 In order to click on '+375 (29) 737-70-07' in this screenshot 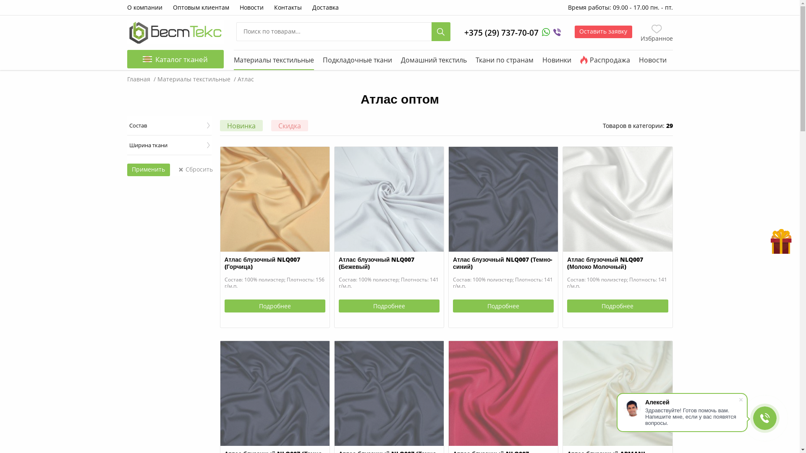, I will do `click(501, 32)`.